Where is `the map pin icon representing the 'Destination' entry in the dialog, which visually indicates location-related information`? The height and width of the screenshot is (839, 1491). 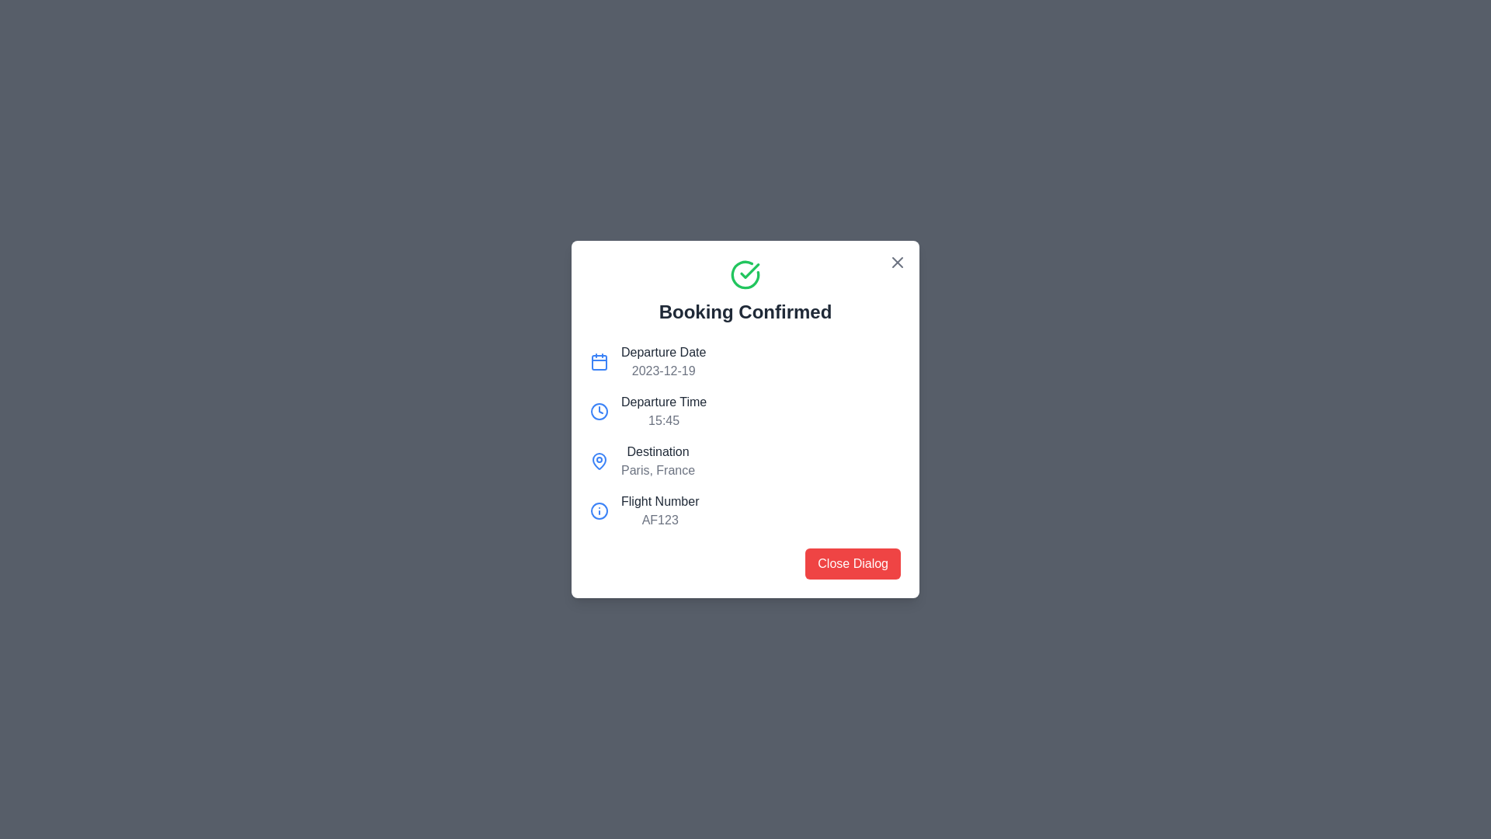
the map pin icon representing the 'Destination' entry in the dialog, which visually indicates location-related information is located at coordinates (599, 460).